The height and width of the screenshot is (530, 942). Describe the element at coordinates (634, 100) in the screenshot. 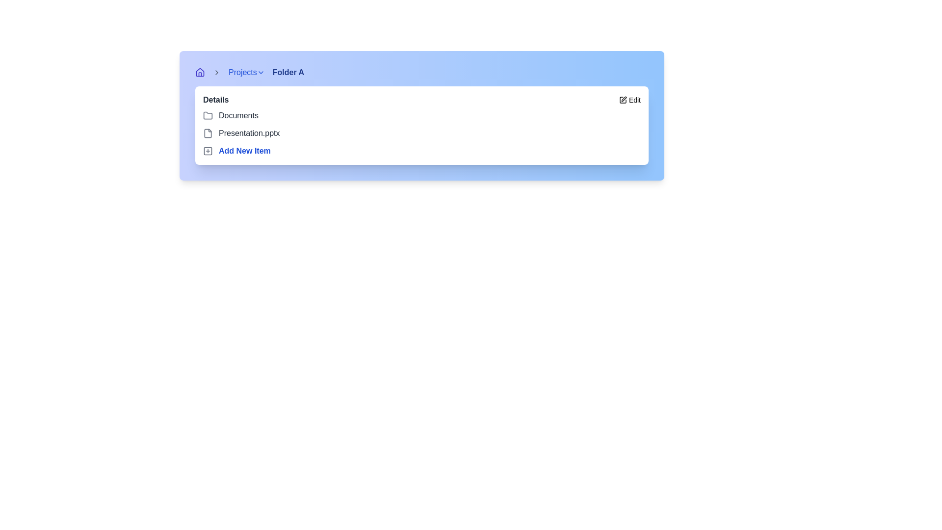

I see `the 'Edit' button, which features the text 'Edit' and an icon of a square with a pen, located in the top-right section of a white panel with a light blue background` at that location.